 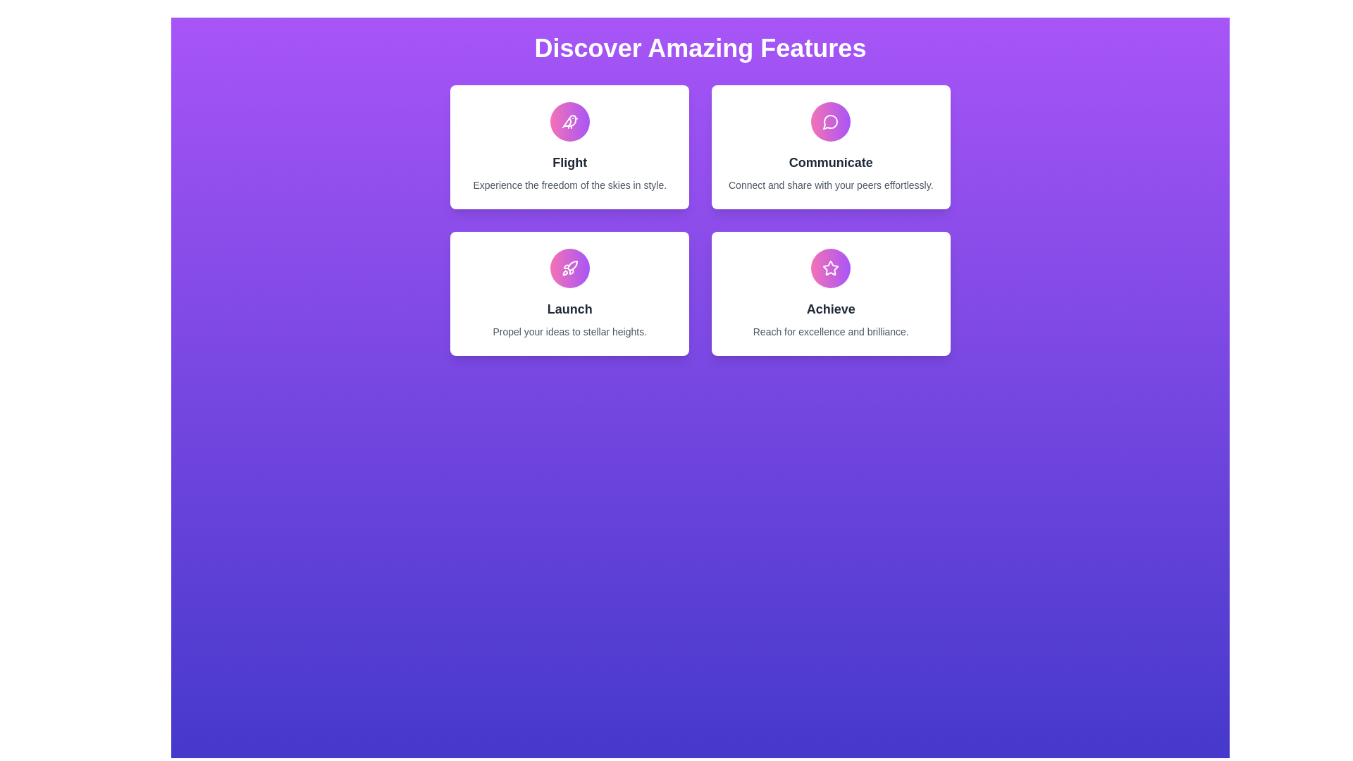 I want to click on the SVG icon representing a rocket, which is styled with a pink gradient background and located within the 'Flight' card in the top-left of a 2x2 grid layout, so click(x=569, y=268).